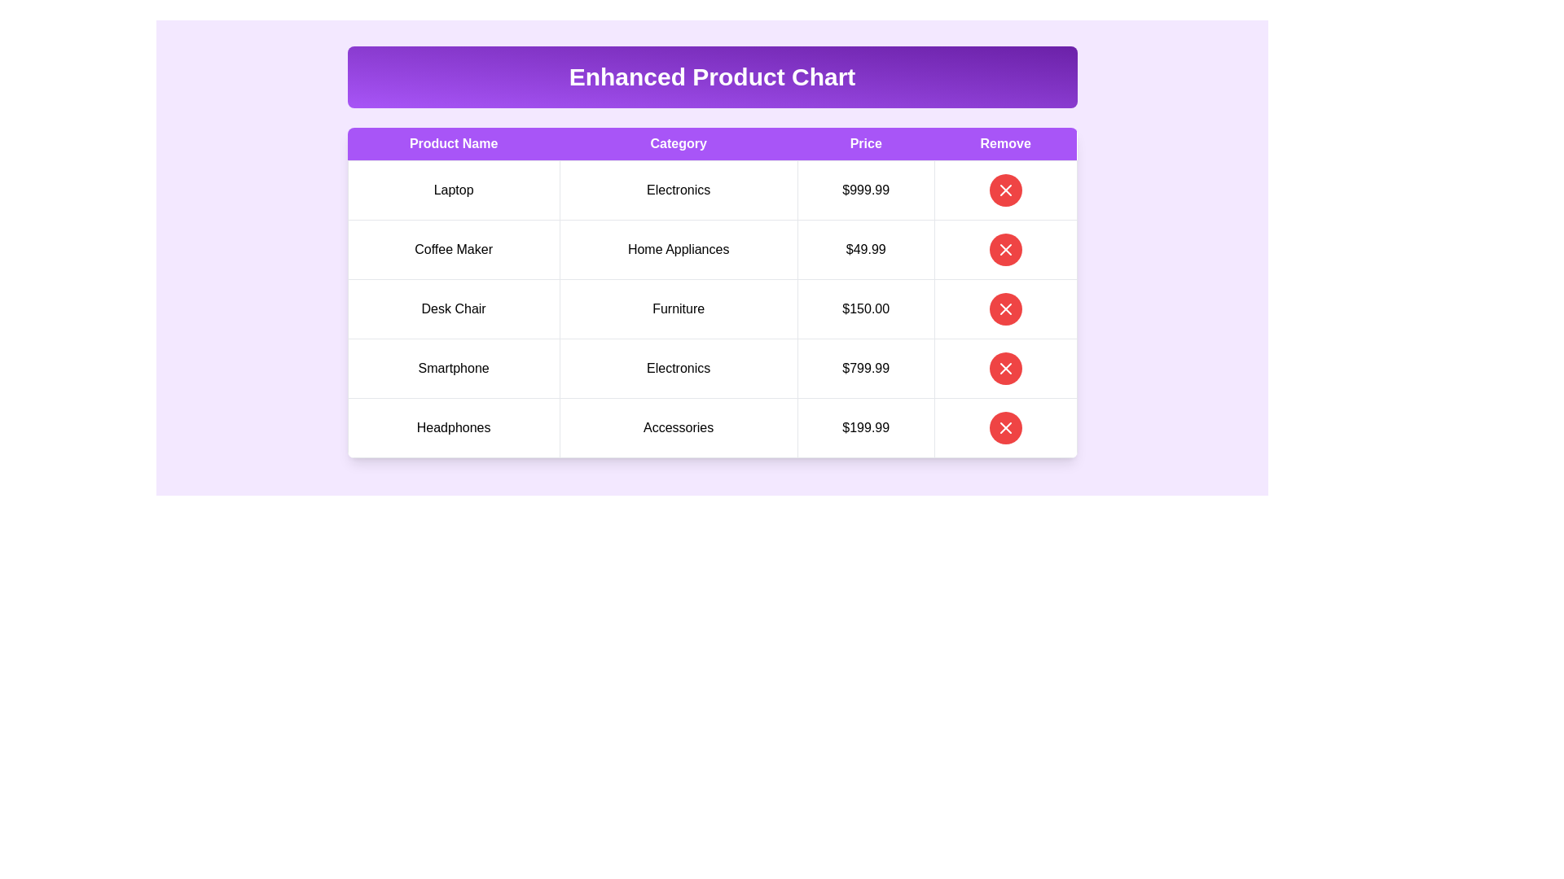 The width and height of the screenshot is (1564, 879). What do you see at coordinates (1004, 368) in the screenshot?
I see `the close/remove icon, which is a small 'X' symbol in a circular red background located in the fourth row of the 'Remove' column in the table` at bounding box center [1004, 368].